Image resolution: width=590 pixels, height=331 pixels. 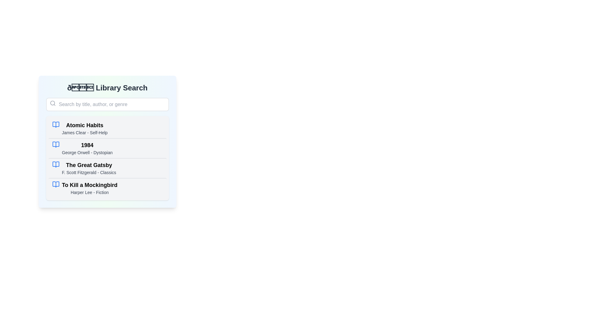 I want to click on the text label displaying 'F. Scott Fitzgerald - Classics', which is located directly below the title 'The Great Gatsby' in a smaller, gray-colored font, so click(x=88, y=173).